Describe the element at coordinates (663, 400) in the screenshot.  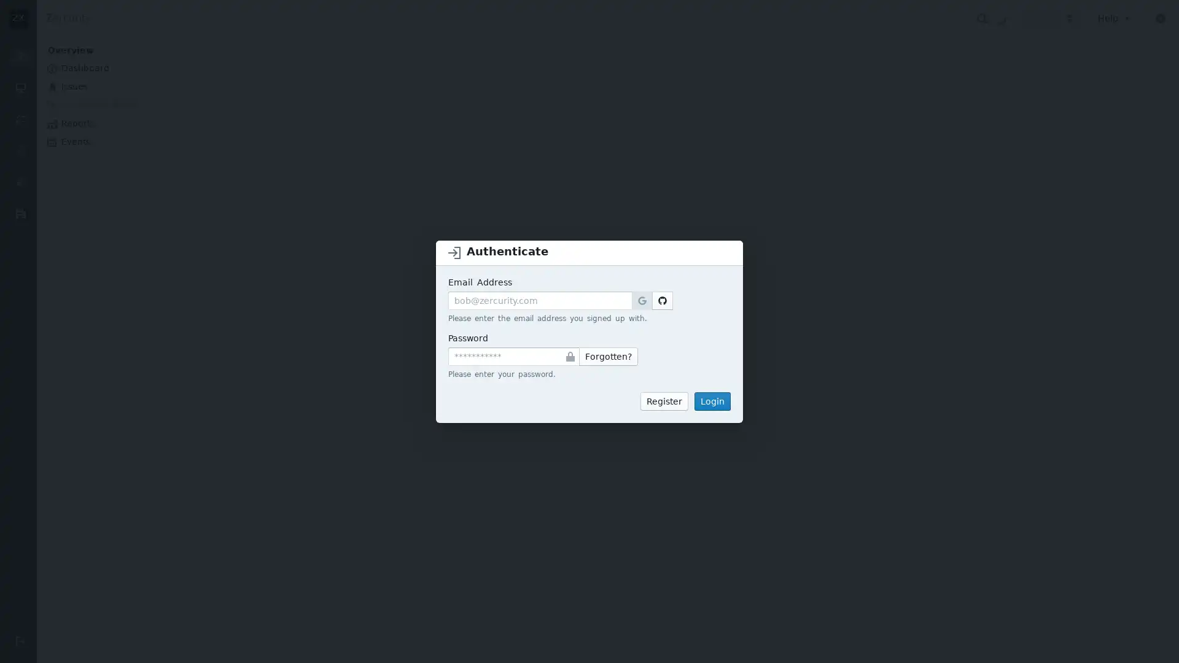
I see `Register` at that location.